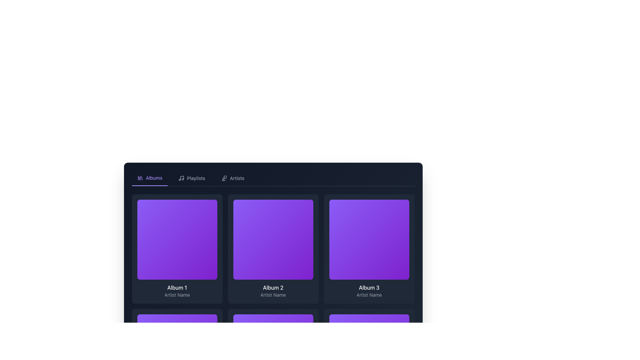 The height and width of the screenshot is (360, 640). What do you see at coordinates (191, 178) in the screenshot?
I see `the 'Playlists' button, which is the second item in the horizontal navigation bar located between 'Albums' and 'Artists'` at bounding box center [191, 178].